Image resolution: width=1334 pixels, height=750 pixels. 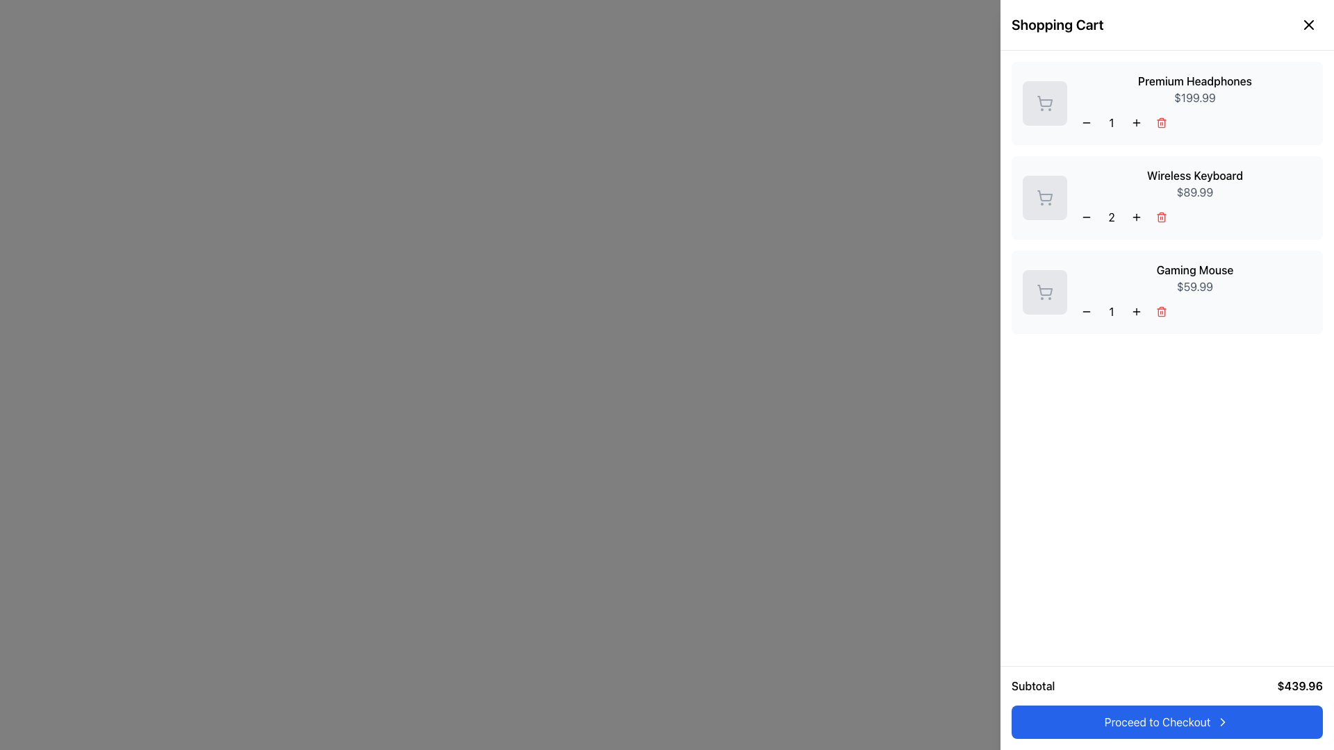 What do you see at coordinates (1161, 310) in the screenshot?
I see `the small red trash bin icon button located within the 'Gaming Mouse' item in the shopping cart` at bounding box center [1161, 310].